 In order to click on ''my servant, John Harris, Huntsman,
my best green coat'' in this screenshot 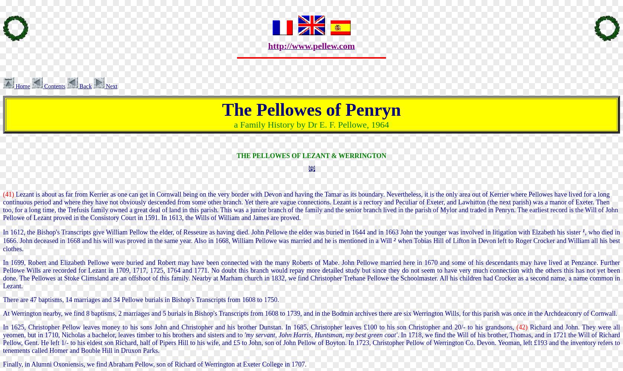, I will do `click(320, 335)`.